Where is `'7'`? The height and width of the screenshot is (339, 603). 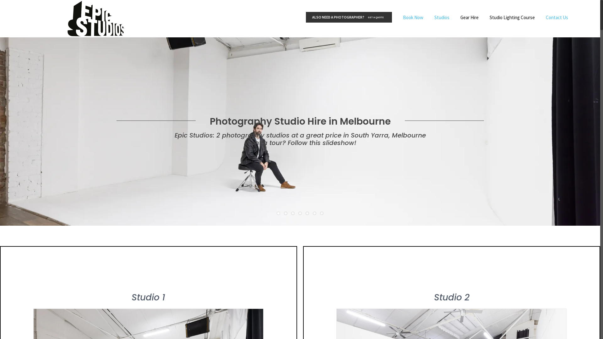
'7' is located at coordinates (322, 213).